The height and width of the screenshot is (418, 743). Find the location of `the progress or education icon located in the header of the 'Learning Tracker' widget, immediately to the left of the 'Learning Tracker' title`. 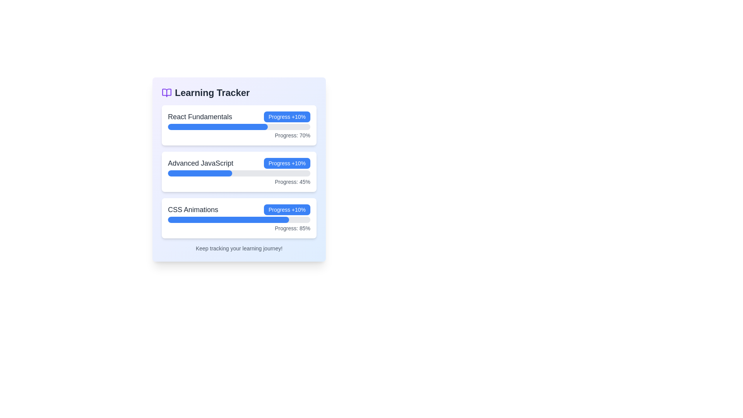

the progress or education icon located in the header of the 'Learning Tracker' widget, immediately to the left of the 'Learning Tracker' title is located at coordinates (166, 92).